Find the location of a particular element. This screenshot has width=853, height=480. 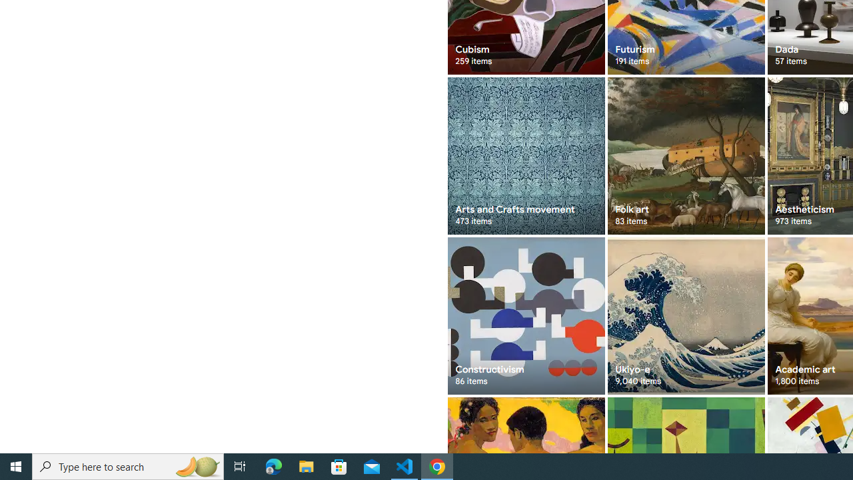

'Ukiyo-e 9,040 items' is located at coordinates (686, 315).